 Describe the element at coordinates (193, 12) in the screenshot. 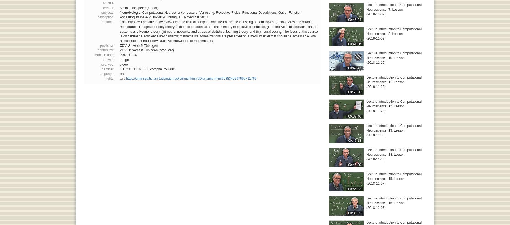

I see `'Lecture,'` at that location.